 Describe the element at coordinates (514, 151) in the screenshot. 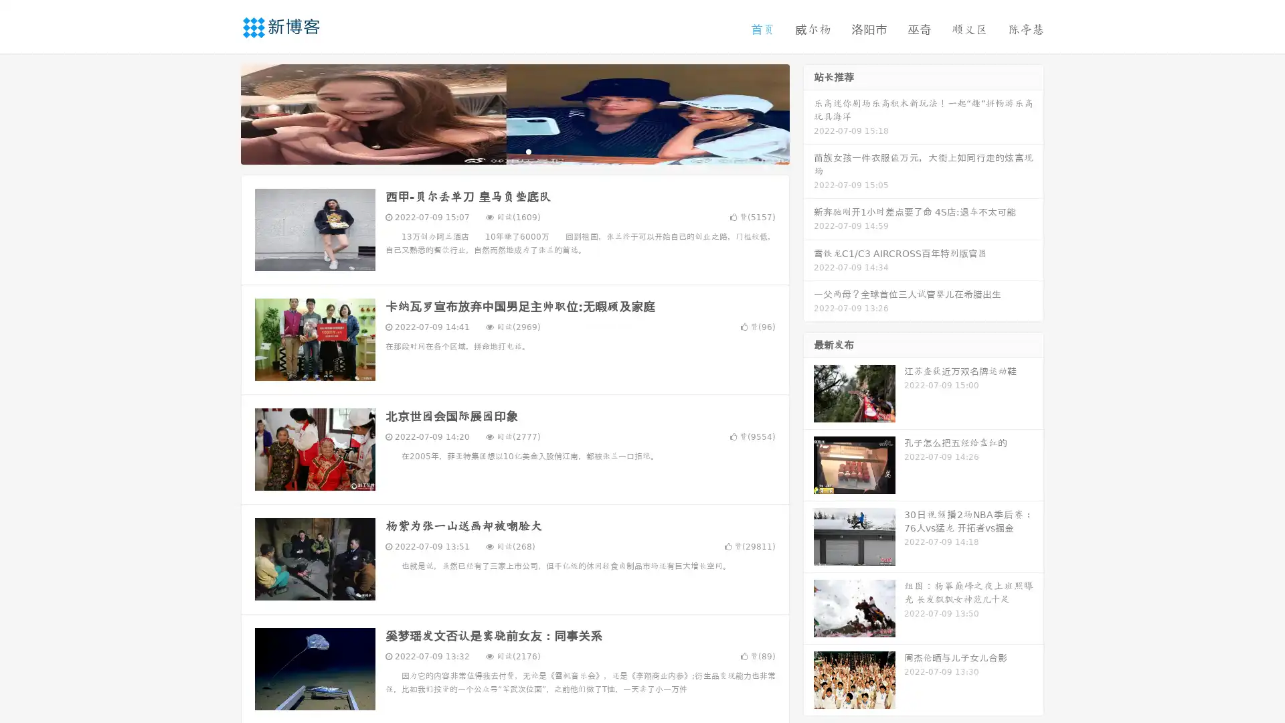

I see `Go to slide 2` at that location.